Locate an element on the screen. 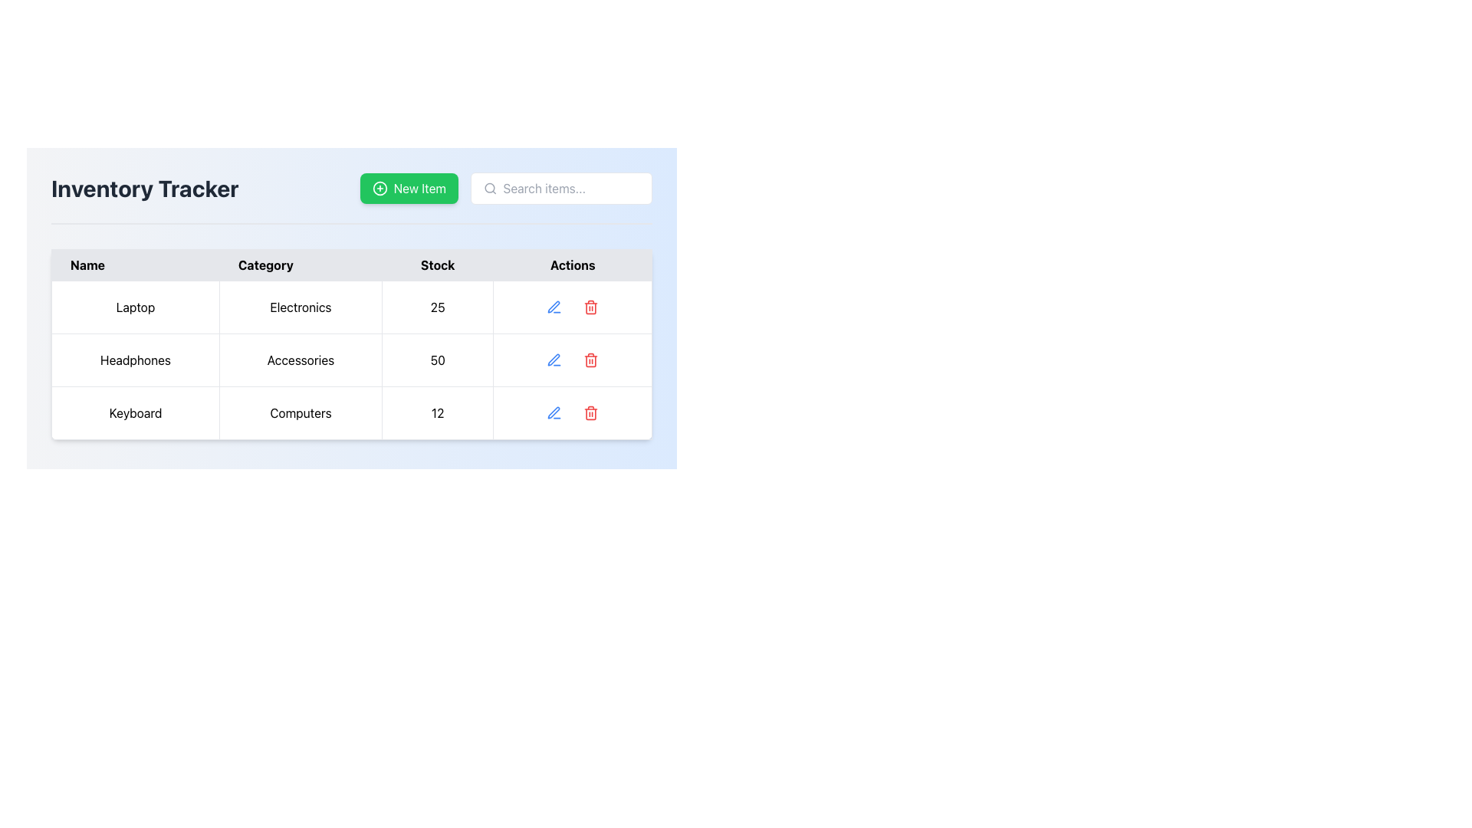  the Edit Icon Button located in the 'Actions' column of the third row (Keyboard row) of the table is located at coordinates (554, 412).